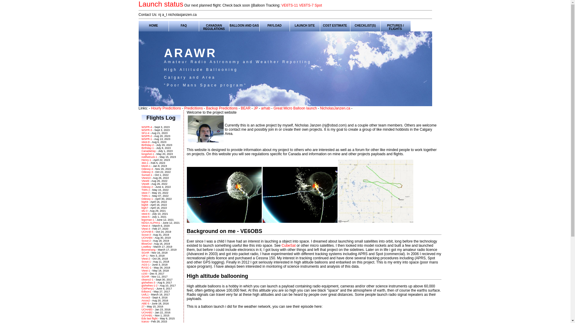 The width and height of the screenshot is (575, 323). I want to click on 'vtest-8', so click(145, 142).